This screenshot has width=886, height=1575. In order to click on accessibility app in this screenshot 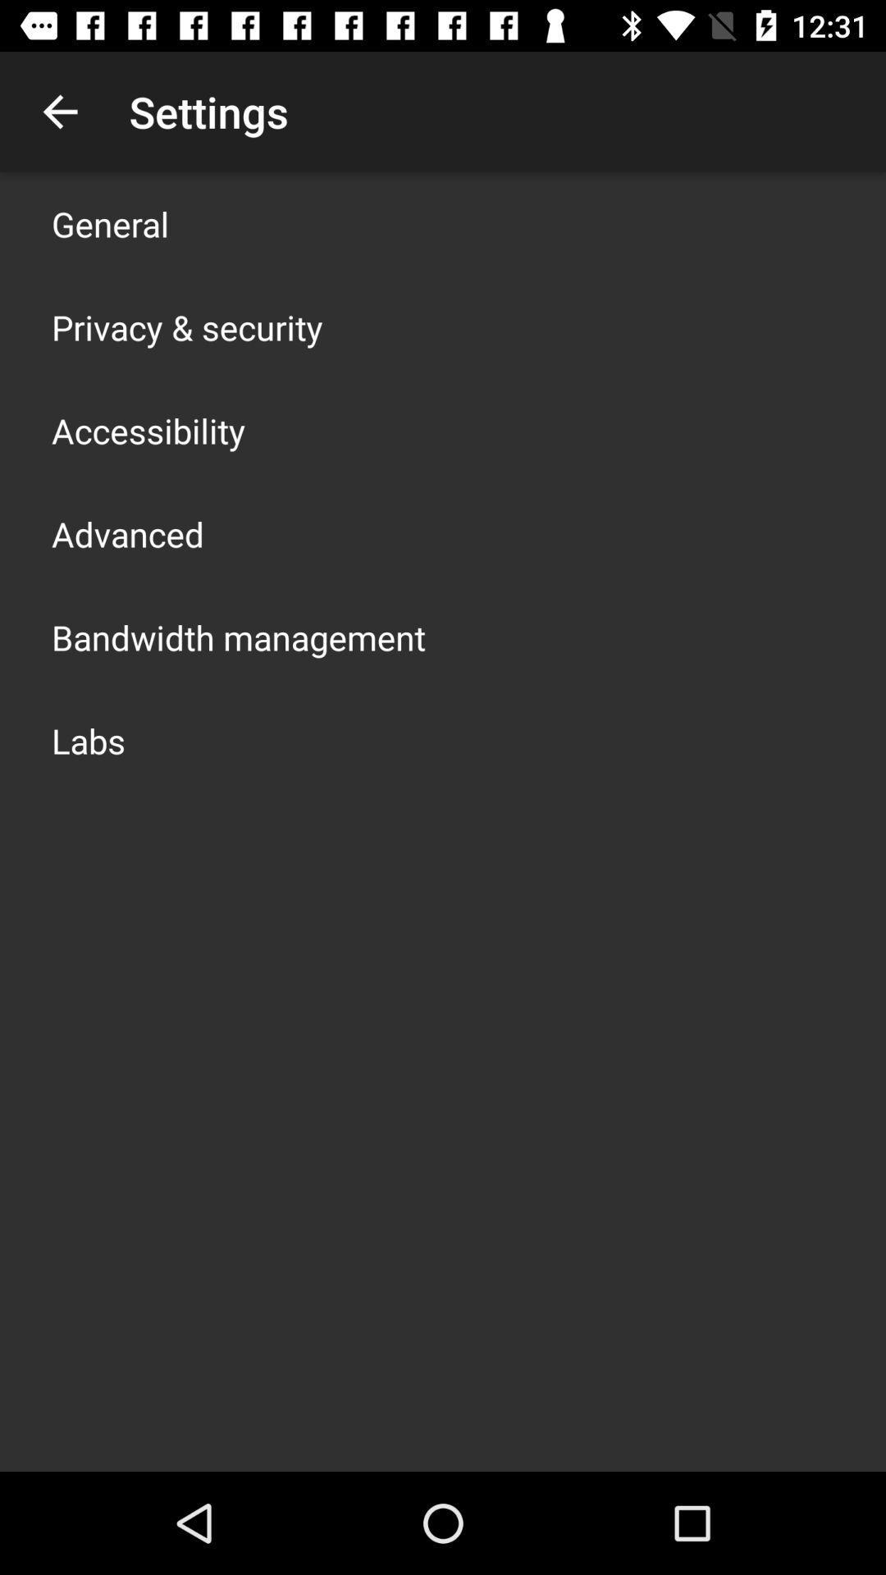, I will do `click(148, 430)`.